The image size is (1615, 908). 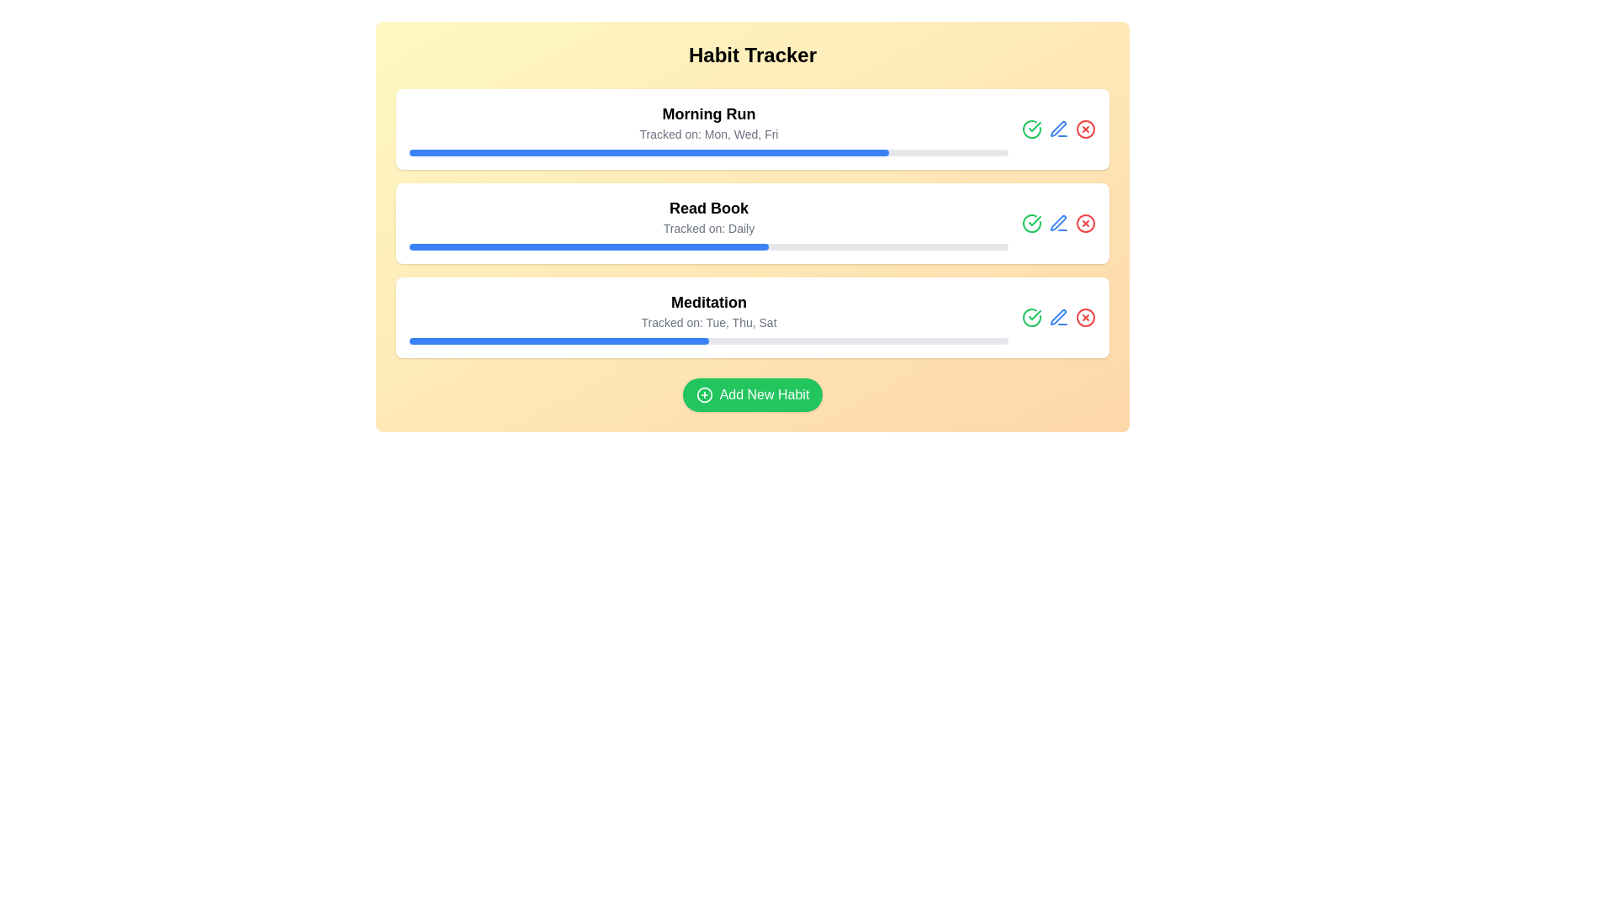 I want to click on the progress bar, so click(x=434, y=246).